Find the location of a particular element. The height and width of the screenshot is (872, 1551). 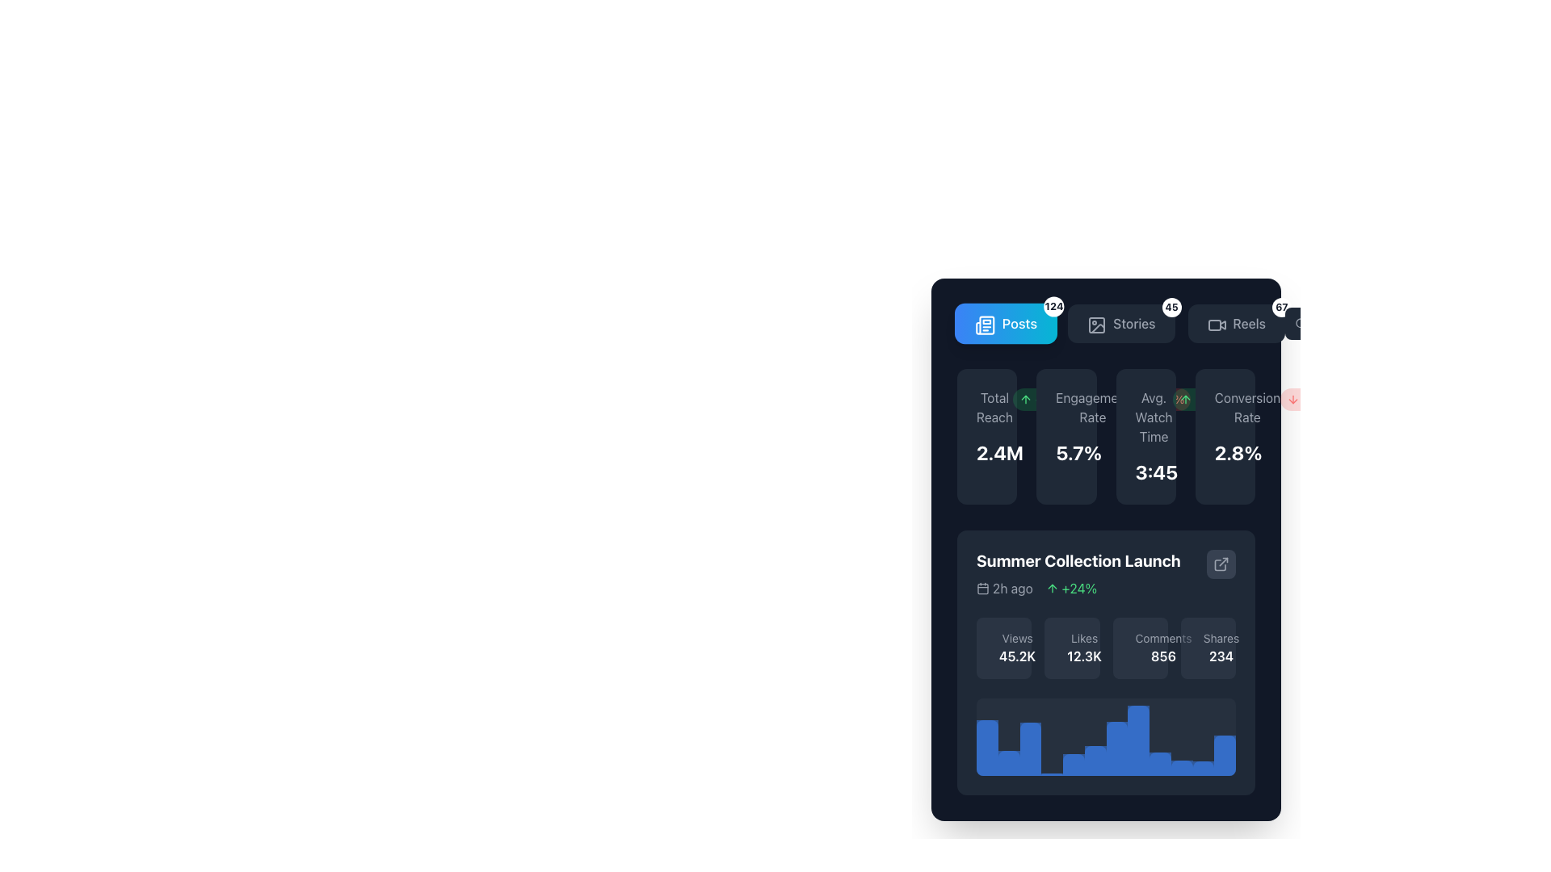

displayed number of comments for the 'Summer Collection Launch' campaign, which is shown in the text label located below the 'Comments' section of social media engagement metrics is located at coordinates (1163, 656).